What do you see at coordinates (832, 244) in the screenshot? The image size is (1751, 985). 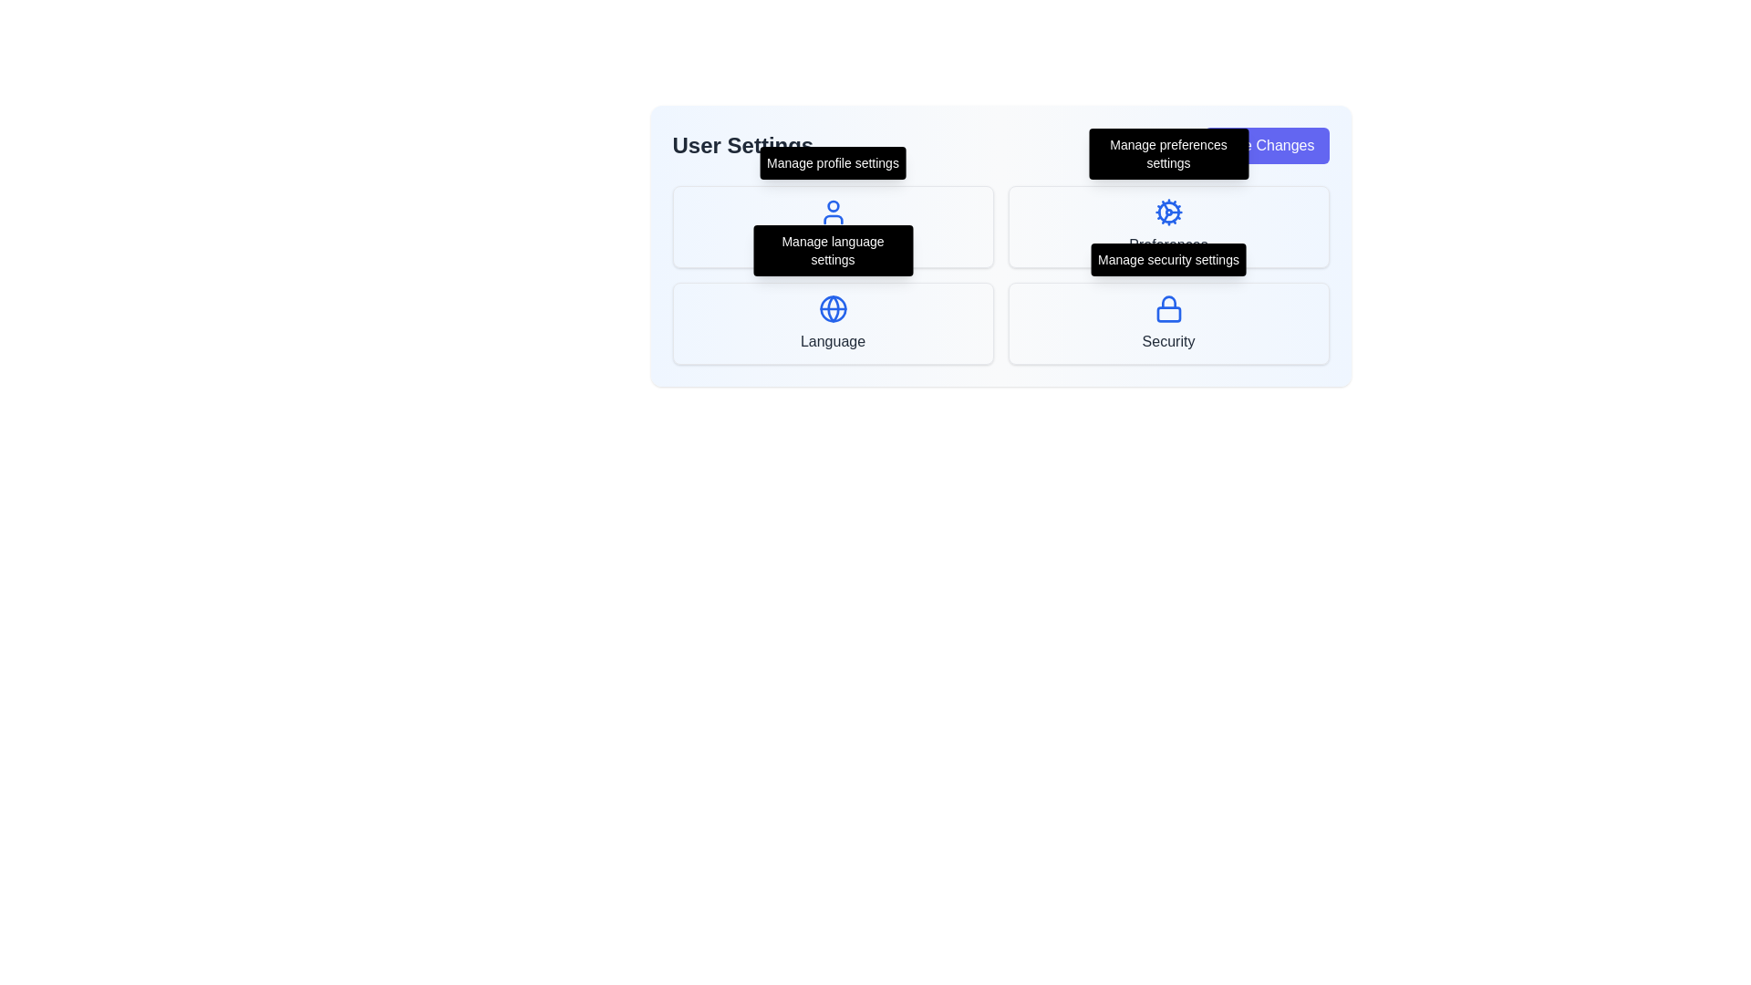 I see `the Text Label that identifies the user profile settings section, which is located in the top-left quadrant of the grid layout, horizontally centered below the user icon` at bounding box center [832, 244].